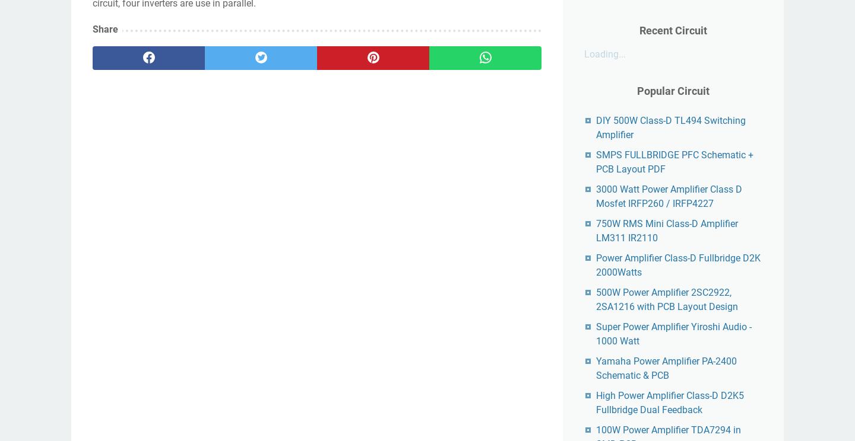  What do you see at coordinates (669, 402) in the screenshot?
I see `'High Power Amplifier Class-D D2K5 Fullbridge Dual Feedback'` at bounding box center [669, 402].